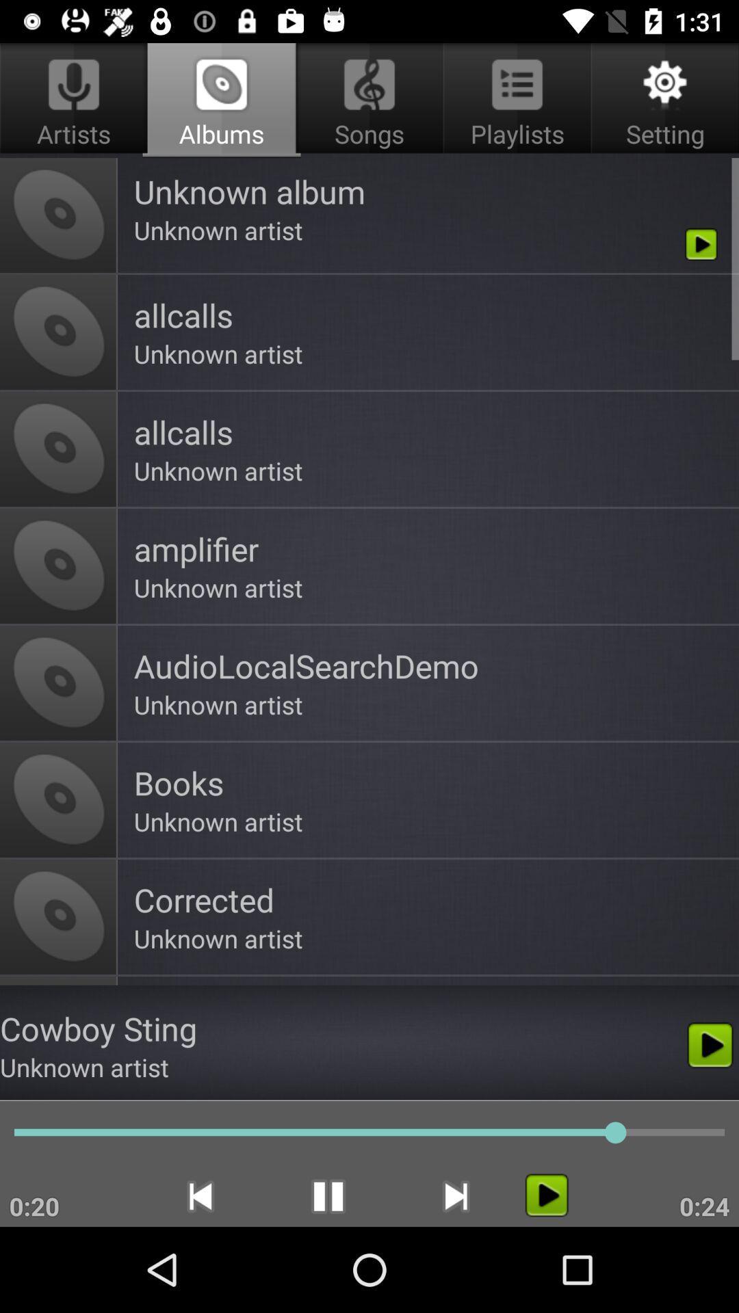  Describe the element at coordinates (76, 100) in the screenshot. I see `the icon to the left of songs` at that location.